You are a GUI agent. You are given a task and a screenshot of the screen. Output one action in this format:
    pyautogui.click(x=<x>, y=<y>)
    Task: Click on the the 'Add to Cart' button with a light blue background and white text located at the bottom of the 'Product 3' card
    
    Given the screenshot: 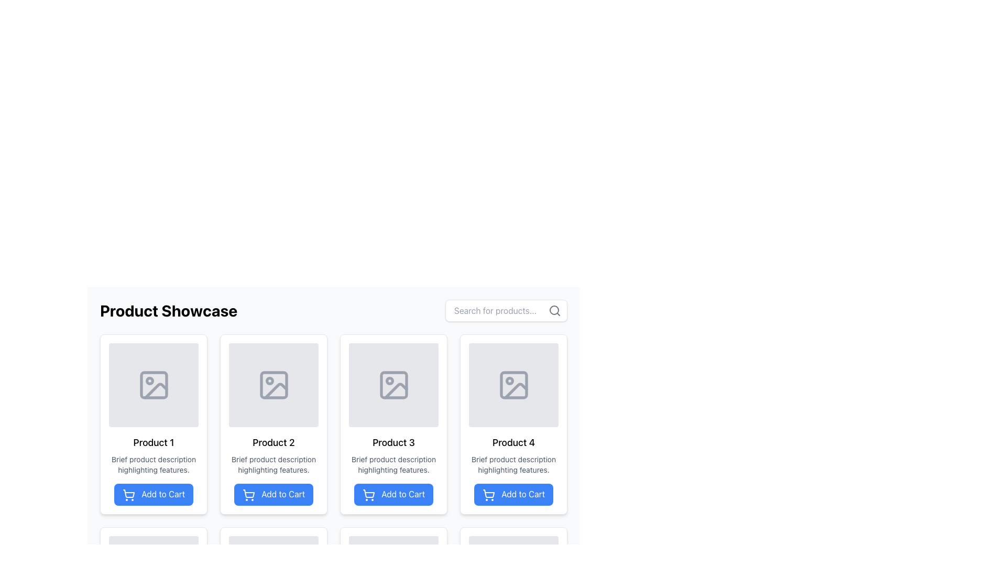 What is the action you would take?
    pyautogui.click(x=393, y=494)
    